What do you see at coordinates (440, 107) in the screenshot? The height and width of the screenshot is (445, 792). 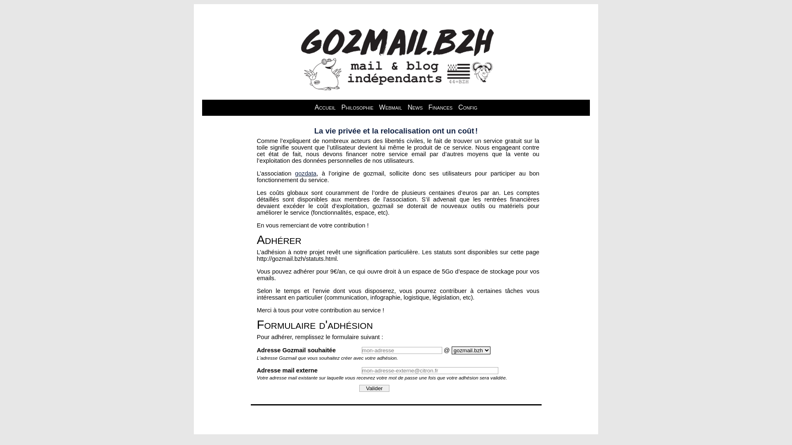 I see `'Finances'` at bounding box center [440, 107].